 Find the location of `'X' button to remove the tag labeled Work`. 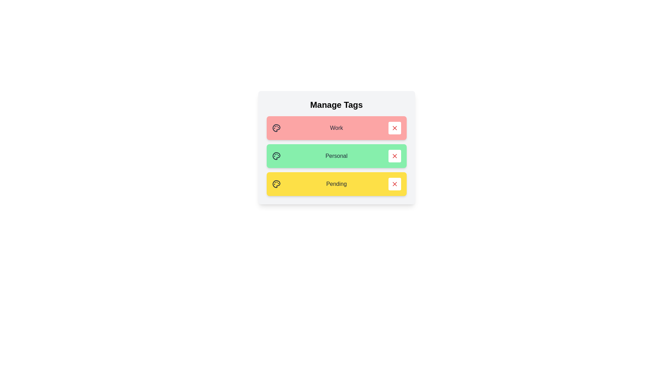

'X' button to remove the tag labeled Work is located at coordinates (394, 128).